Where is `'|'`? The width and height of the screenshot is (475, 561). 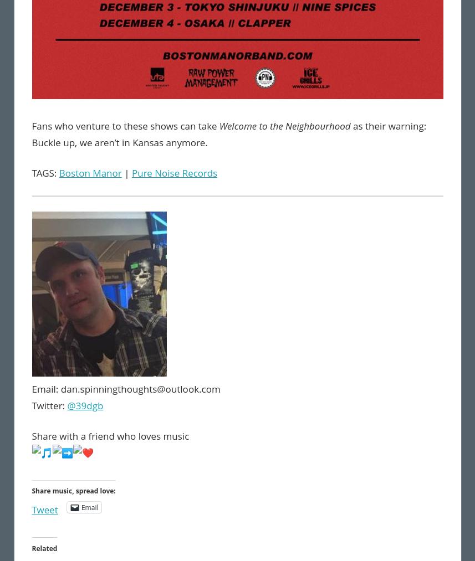 '|' is located at coordinates (120, 172).